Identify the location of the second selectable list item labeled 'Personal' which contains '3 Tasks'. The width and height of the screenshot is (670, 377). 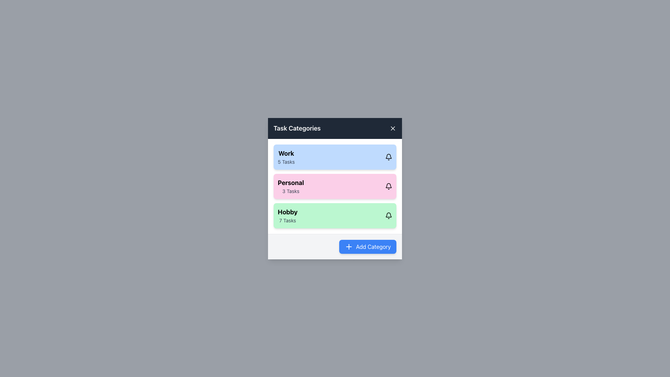
(335, 188).